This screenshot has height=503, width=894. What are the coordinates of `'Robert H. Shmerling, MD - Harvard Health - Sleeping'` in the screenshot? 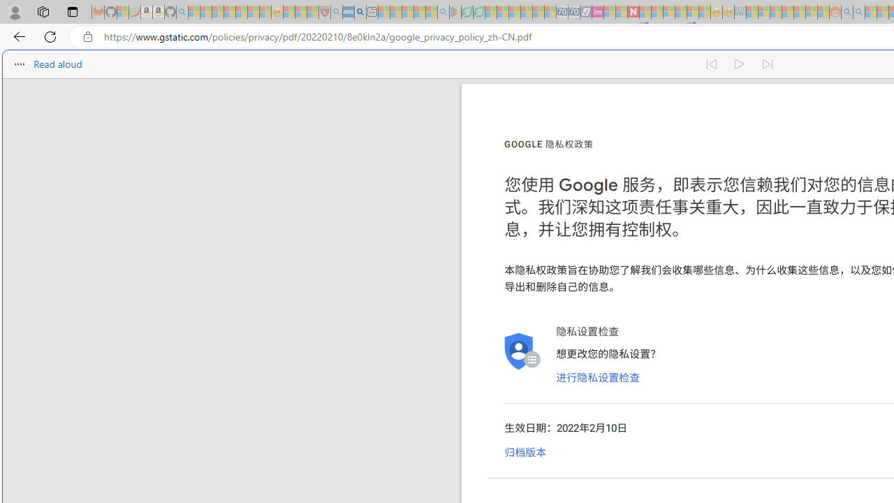 It's located at (324, 12).